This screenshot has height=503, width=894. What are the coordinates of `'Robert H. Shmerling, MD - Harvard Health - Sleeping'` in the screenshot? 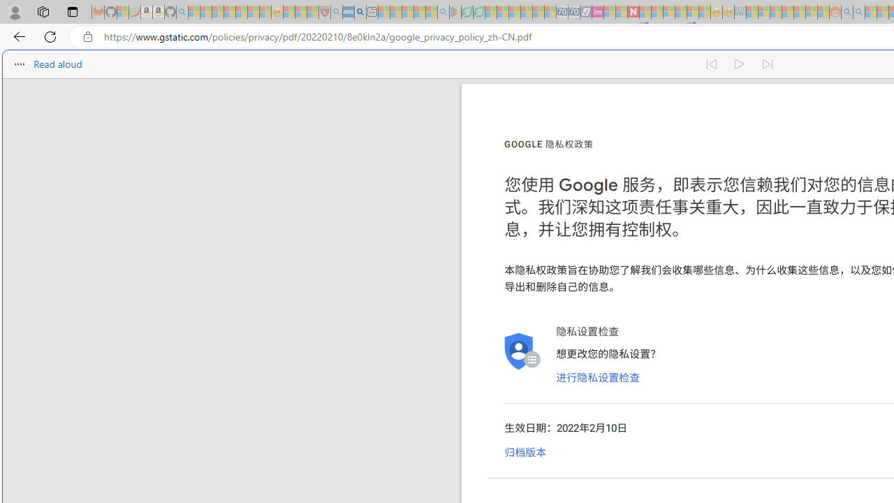 It's located at (324, 12).